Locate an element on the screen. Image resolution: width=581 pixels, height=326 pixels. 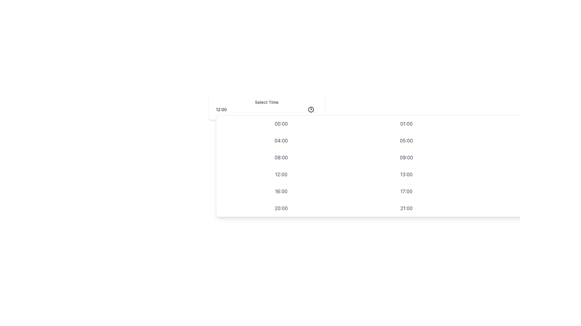
the clock-shaped icon positioned at the far right of the 'Select Time' text input field is located at coordinates (313, 109).